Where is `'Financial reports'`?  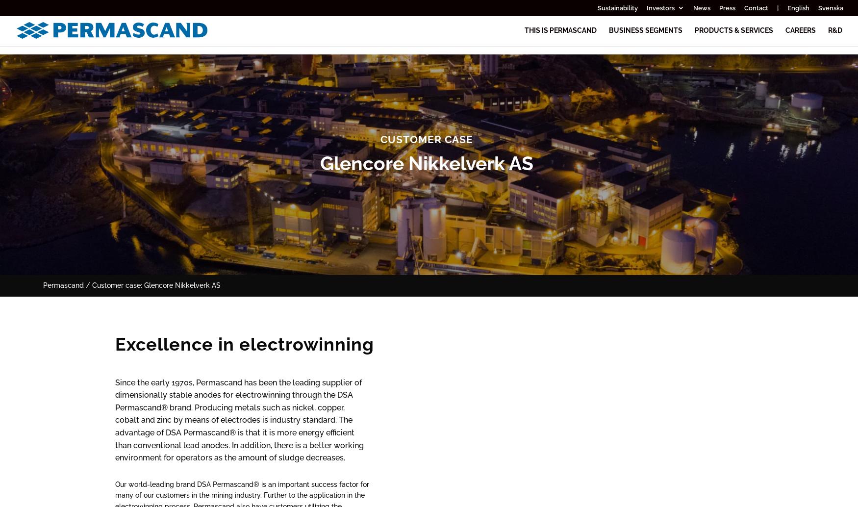 'Financial reports' is located at coordinates (585, 52).